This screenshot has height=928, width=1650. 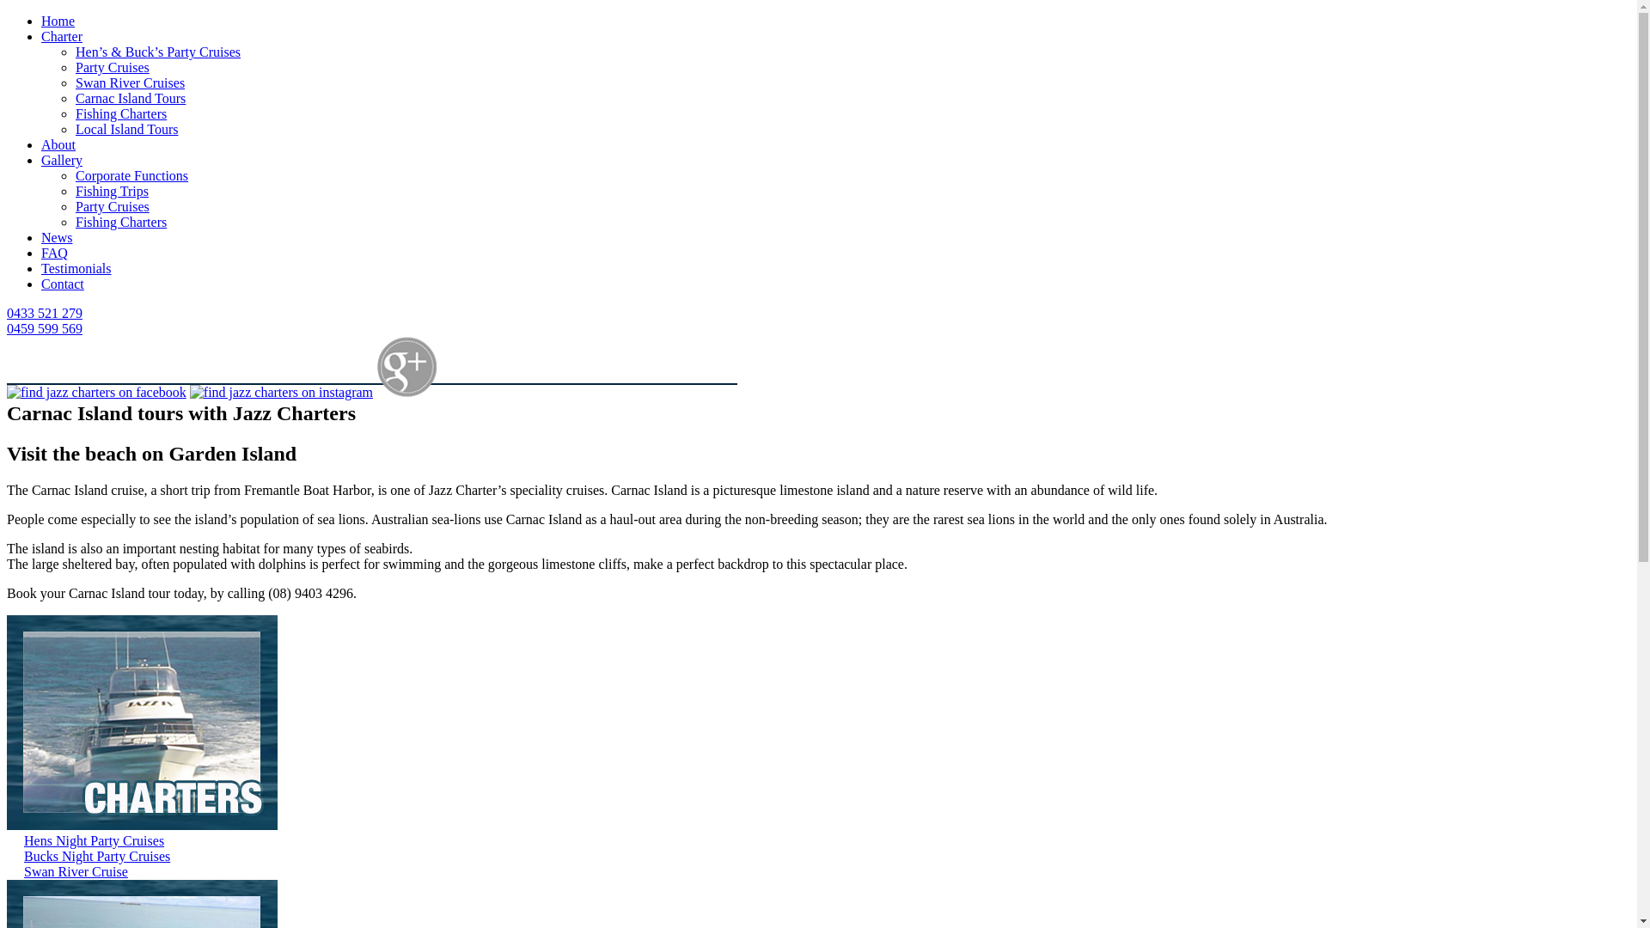 What do you see at coordinates (45, 313) in the screenshot?
I see `'0433 521 279'` at bounding box center [45, 313].